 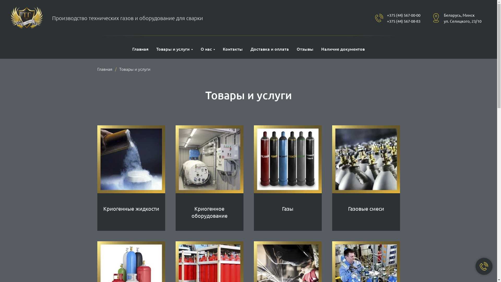 I want to click on '+375 (44) 567-08-83', so click(x=403, y=21).